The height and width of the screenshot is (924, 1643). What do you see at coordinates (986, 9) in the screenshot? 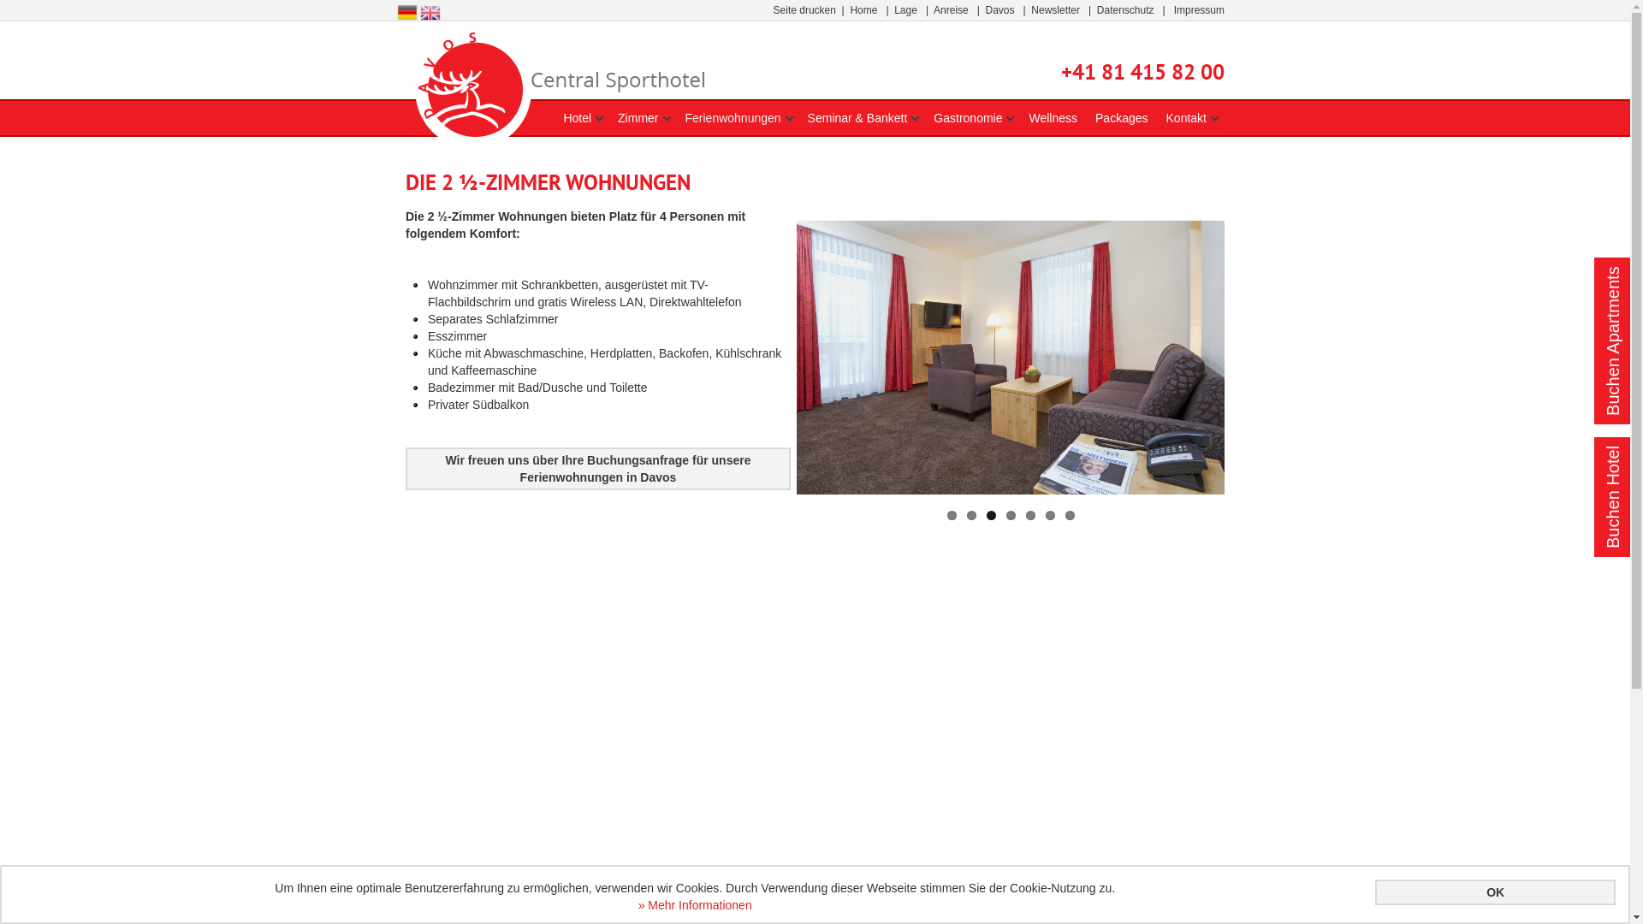
I see `'Davos'` at bounding box center [986, 9].